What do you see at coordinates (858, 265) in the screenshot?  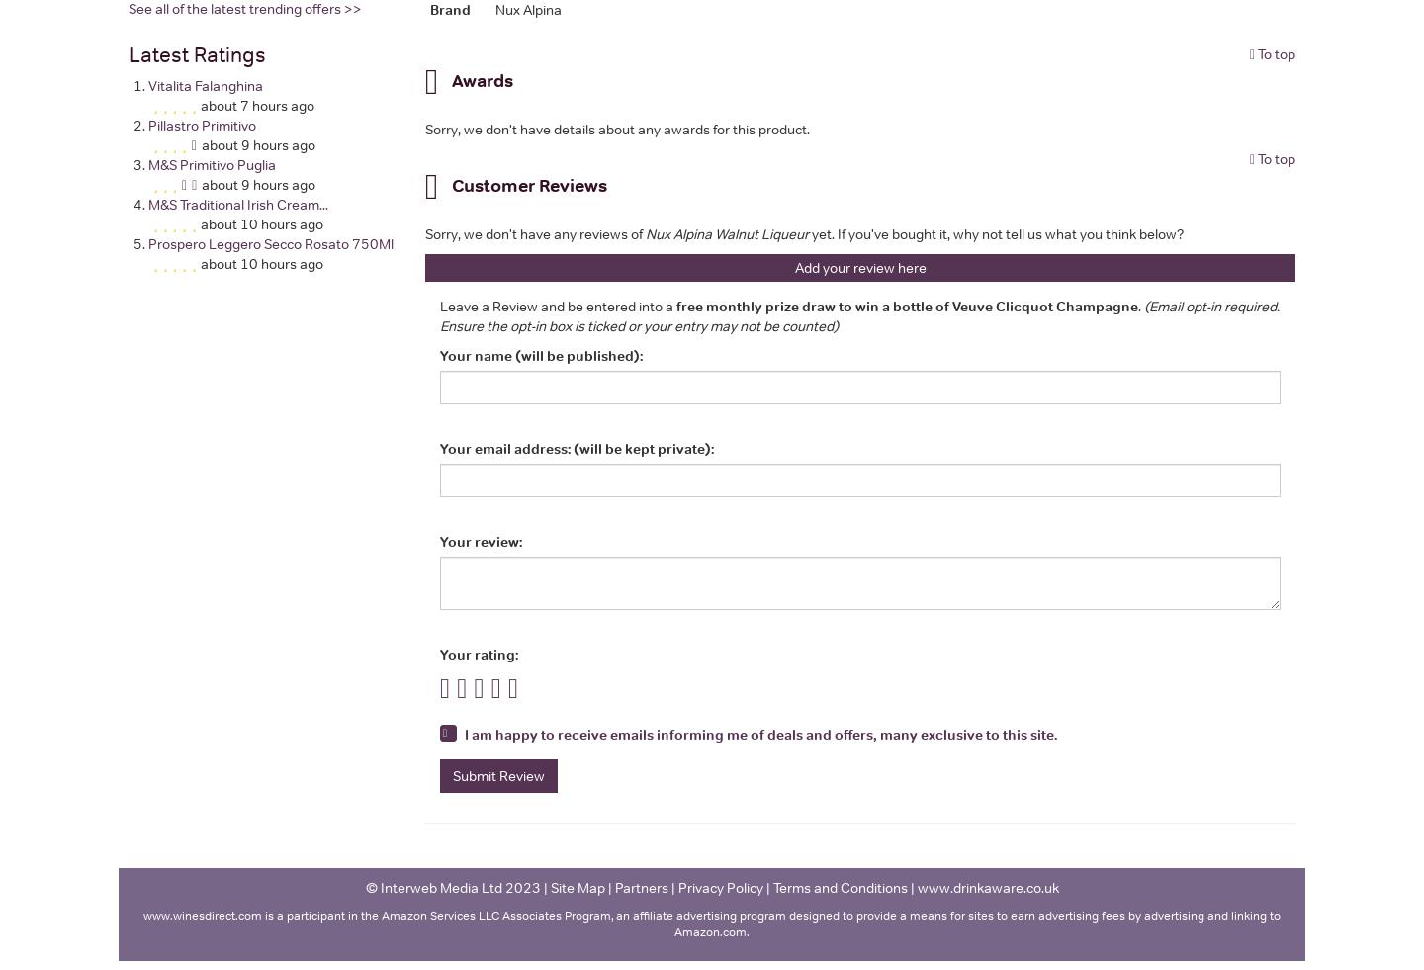 I see `'Add your review here'` at bounding box center [858, 265].